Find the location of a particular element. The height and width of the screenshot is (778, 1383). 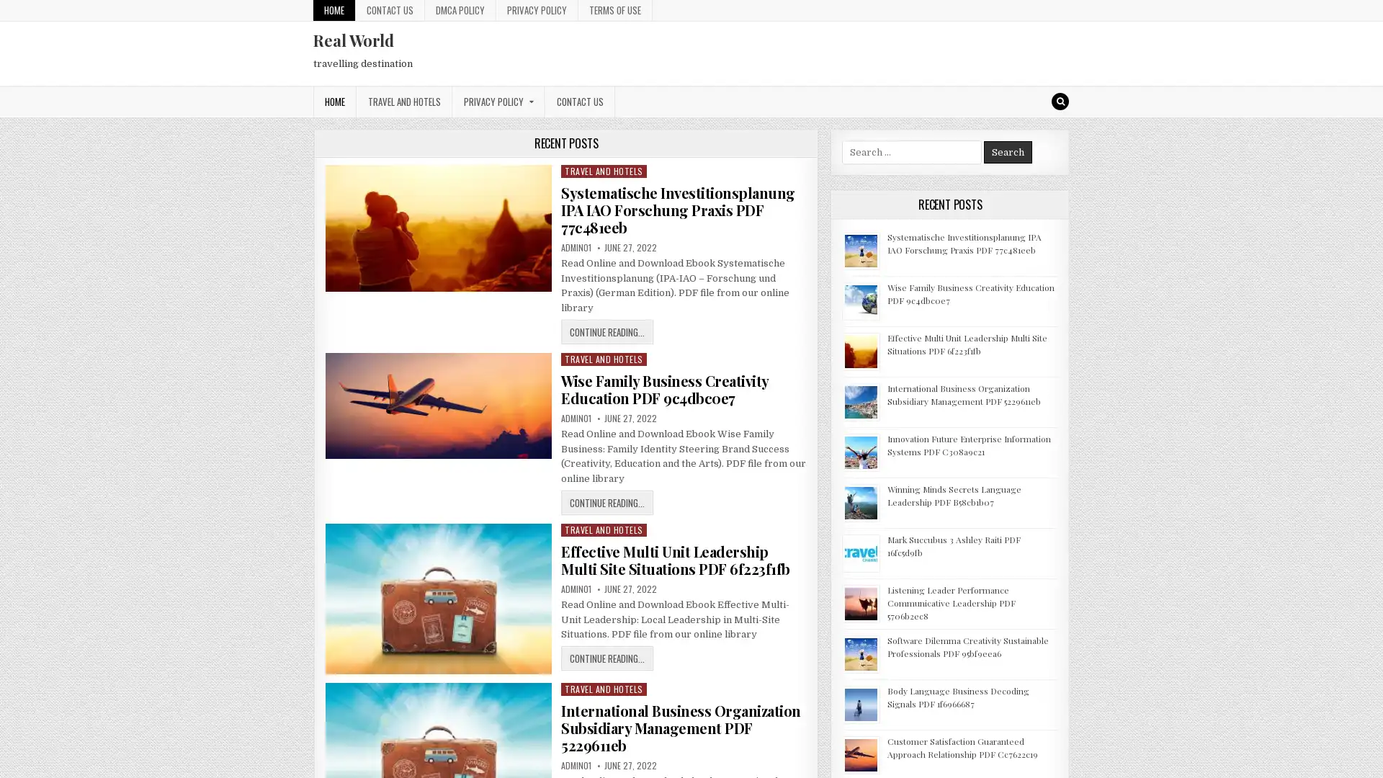

Search is located at coordinates (1007, 152).